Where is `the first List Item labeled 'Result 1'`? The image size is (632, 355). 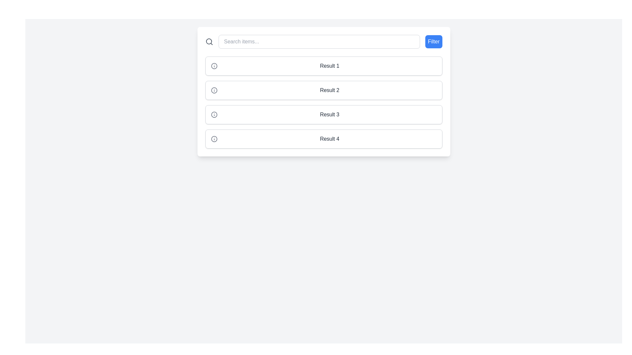 the first List Item labeled 'Result 1' is located at coordinates (324, 66).